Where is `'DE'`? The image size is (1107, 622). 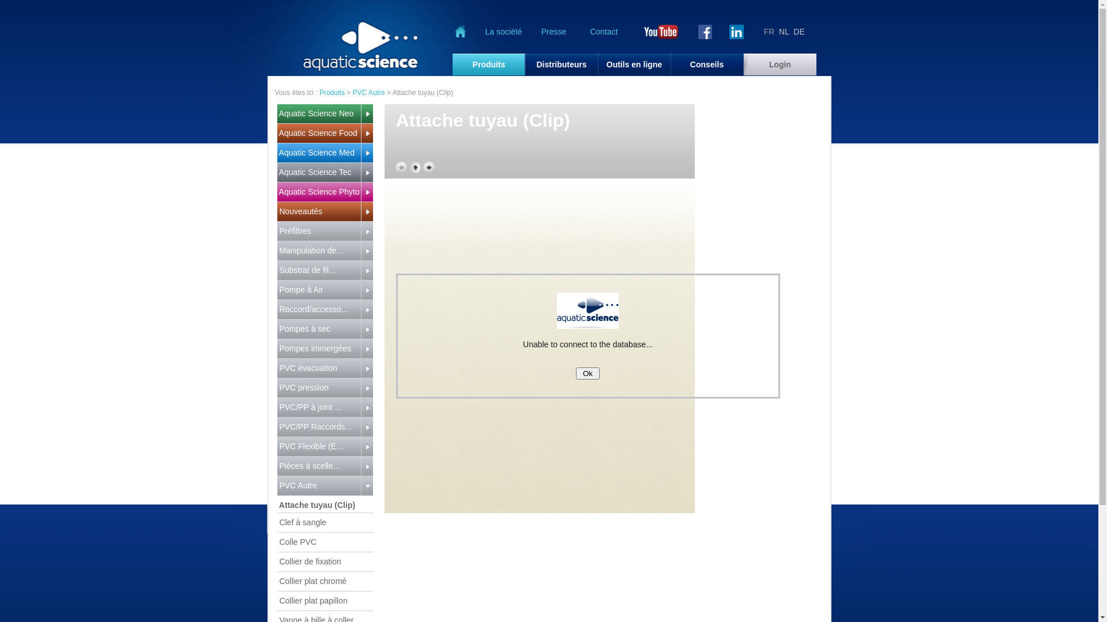
'DE' is located at coordinates (799, 31).